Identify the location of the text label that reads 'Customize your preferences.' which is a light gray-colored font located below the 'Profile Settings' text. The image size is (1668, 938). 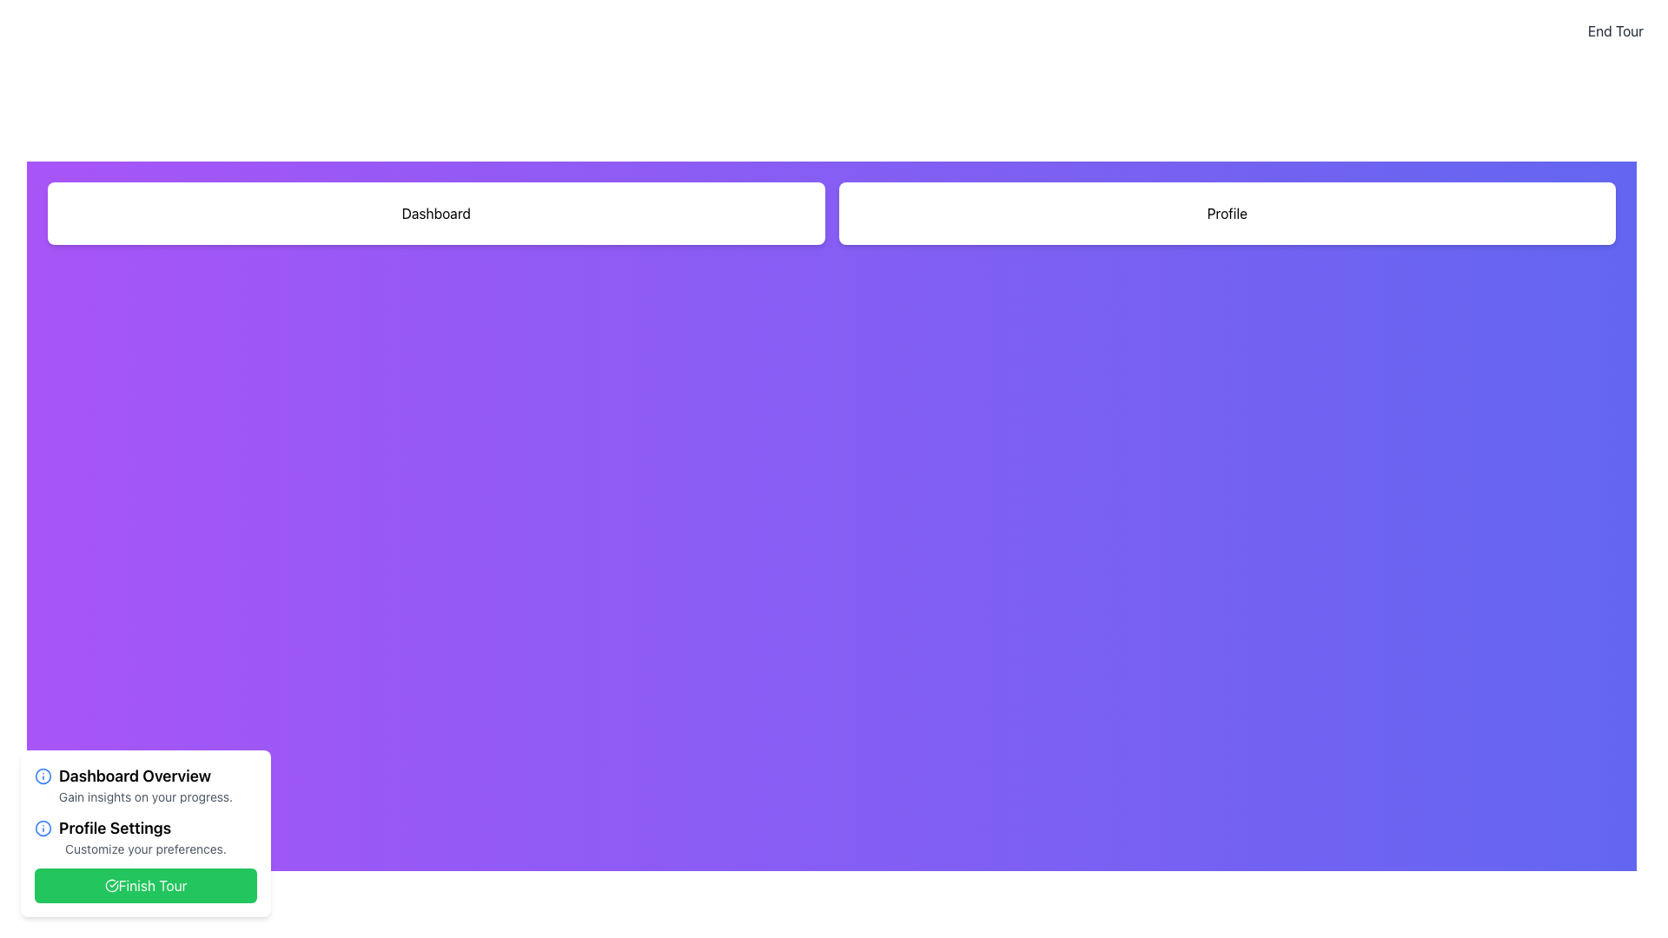
(146, 849).